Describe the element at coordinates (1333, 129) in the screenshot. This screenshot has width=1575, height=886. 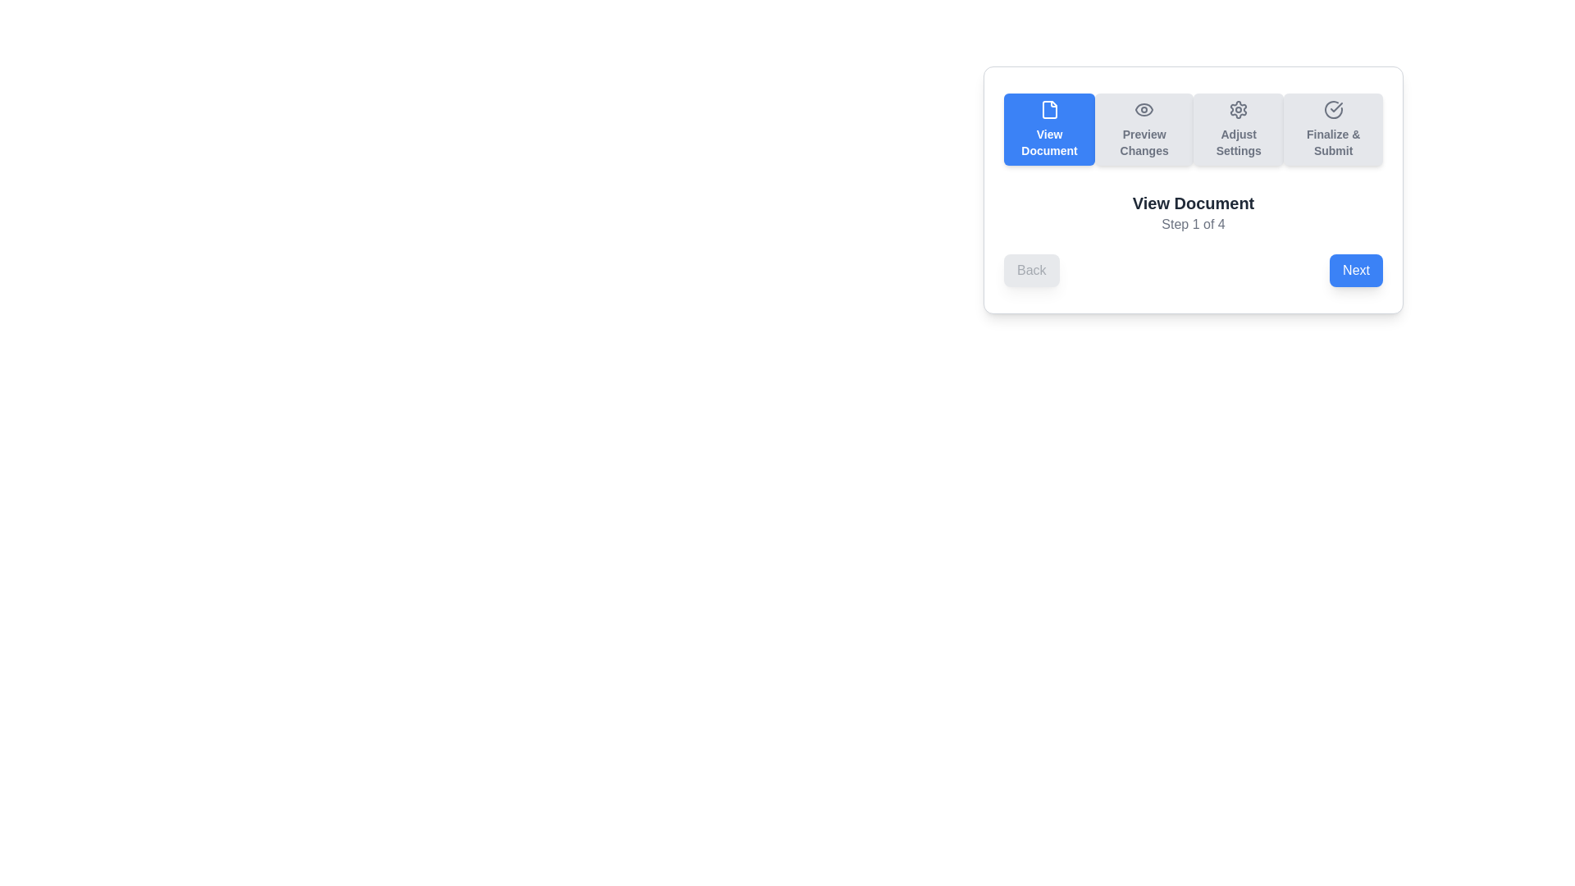
I see `the button corresponding to Finalize & Submit` at that location.